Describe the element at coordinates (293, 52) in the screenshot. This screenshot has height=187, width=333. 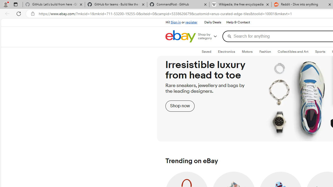
I see `'Collectibles and ArtExpand: Collectibles and Art'` at that location.